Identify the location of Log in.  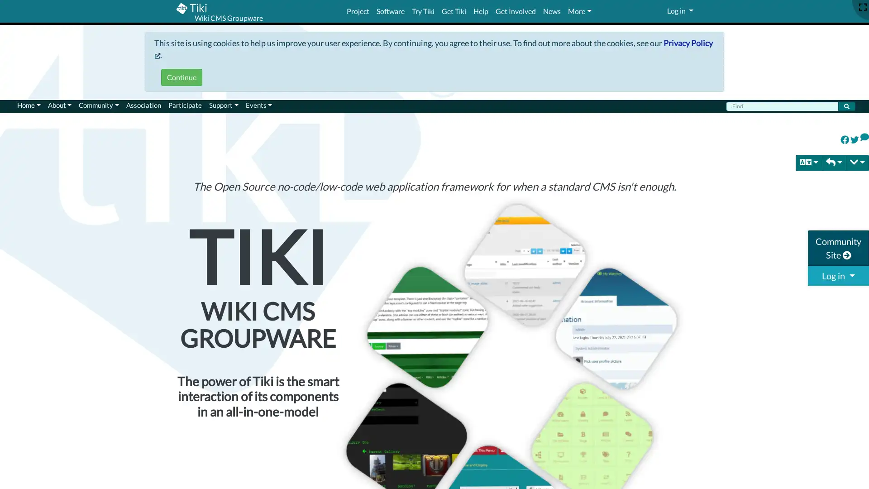
(680, 10).